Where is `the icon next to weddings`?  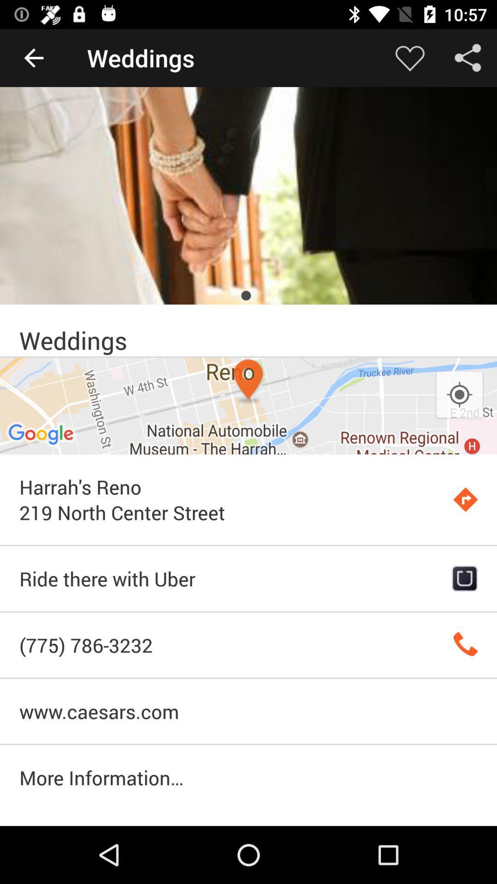
the icon next to weddings is located at coordinates (410, 57).